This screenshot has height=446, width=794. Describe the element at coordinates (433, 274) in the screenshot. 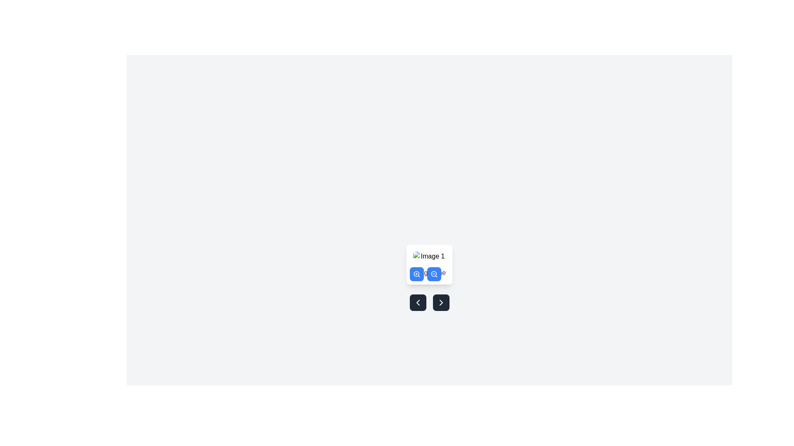

I see `the central circle of the zoom-out button, which is part of a larger zoom control component located below the image display` at that location.